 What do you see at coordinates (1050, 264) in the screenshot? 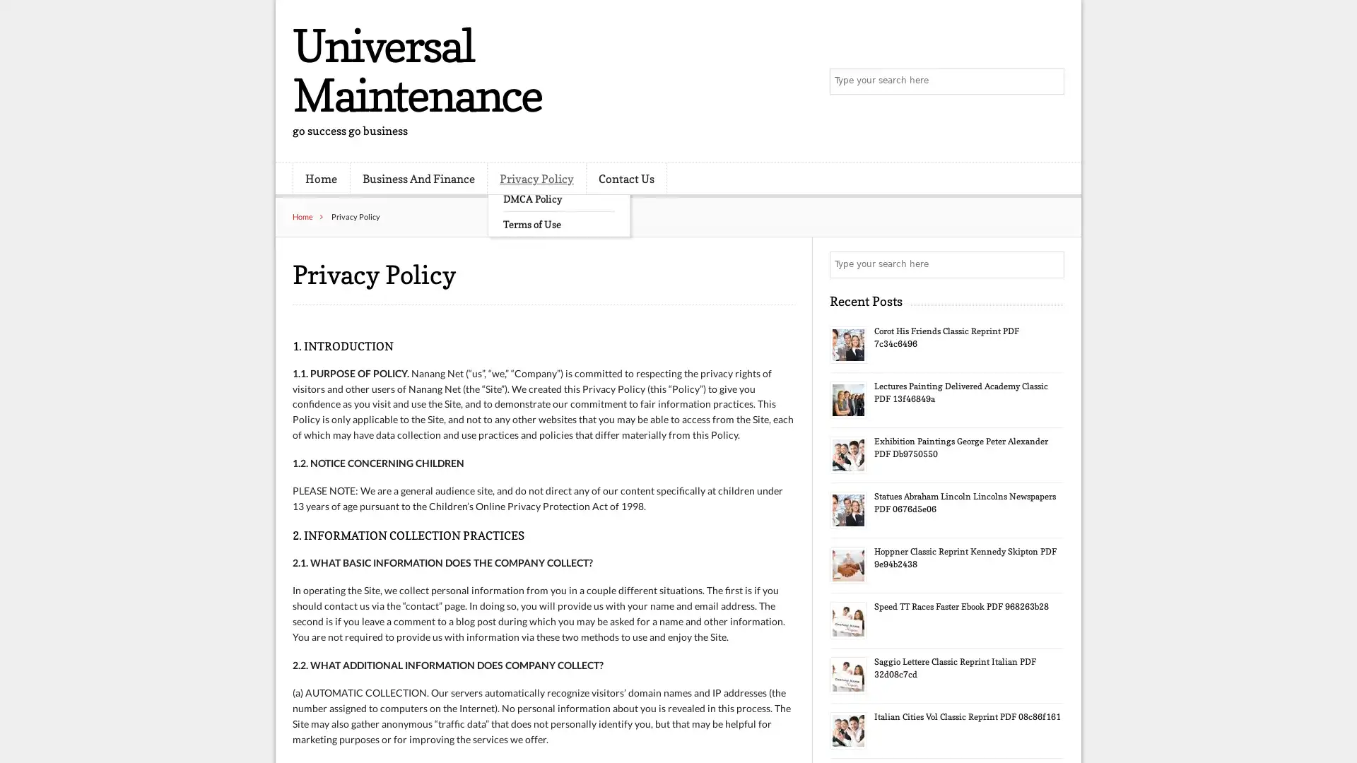
I see `Search` at bounding box center [1050, 264].